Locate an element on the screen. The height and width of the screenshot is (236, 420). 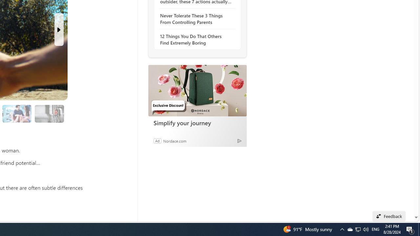
'Never Tolerate These 3 Things From Controlling Parents' is located at coordinates (195, 18).